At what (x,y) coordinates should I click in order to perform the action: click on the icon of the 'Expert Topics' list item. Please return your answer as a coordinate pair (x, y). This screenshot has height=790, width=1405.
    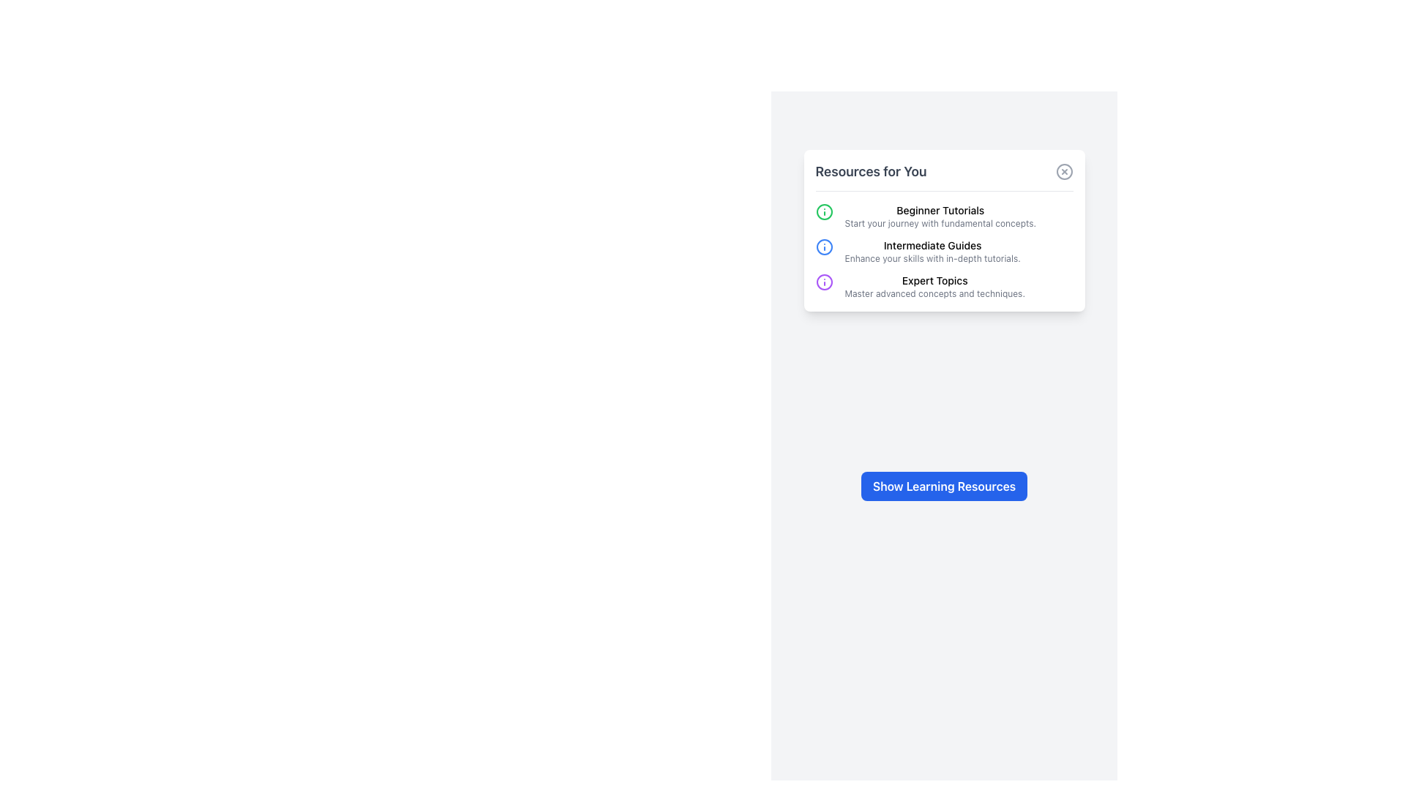
    Looking at the image, I should click on (944, 287).